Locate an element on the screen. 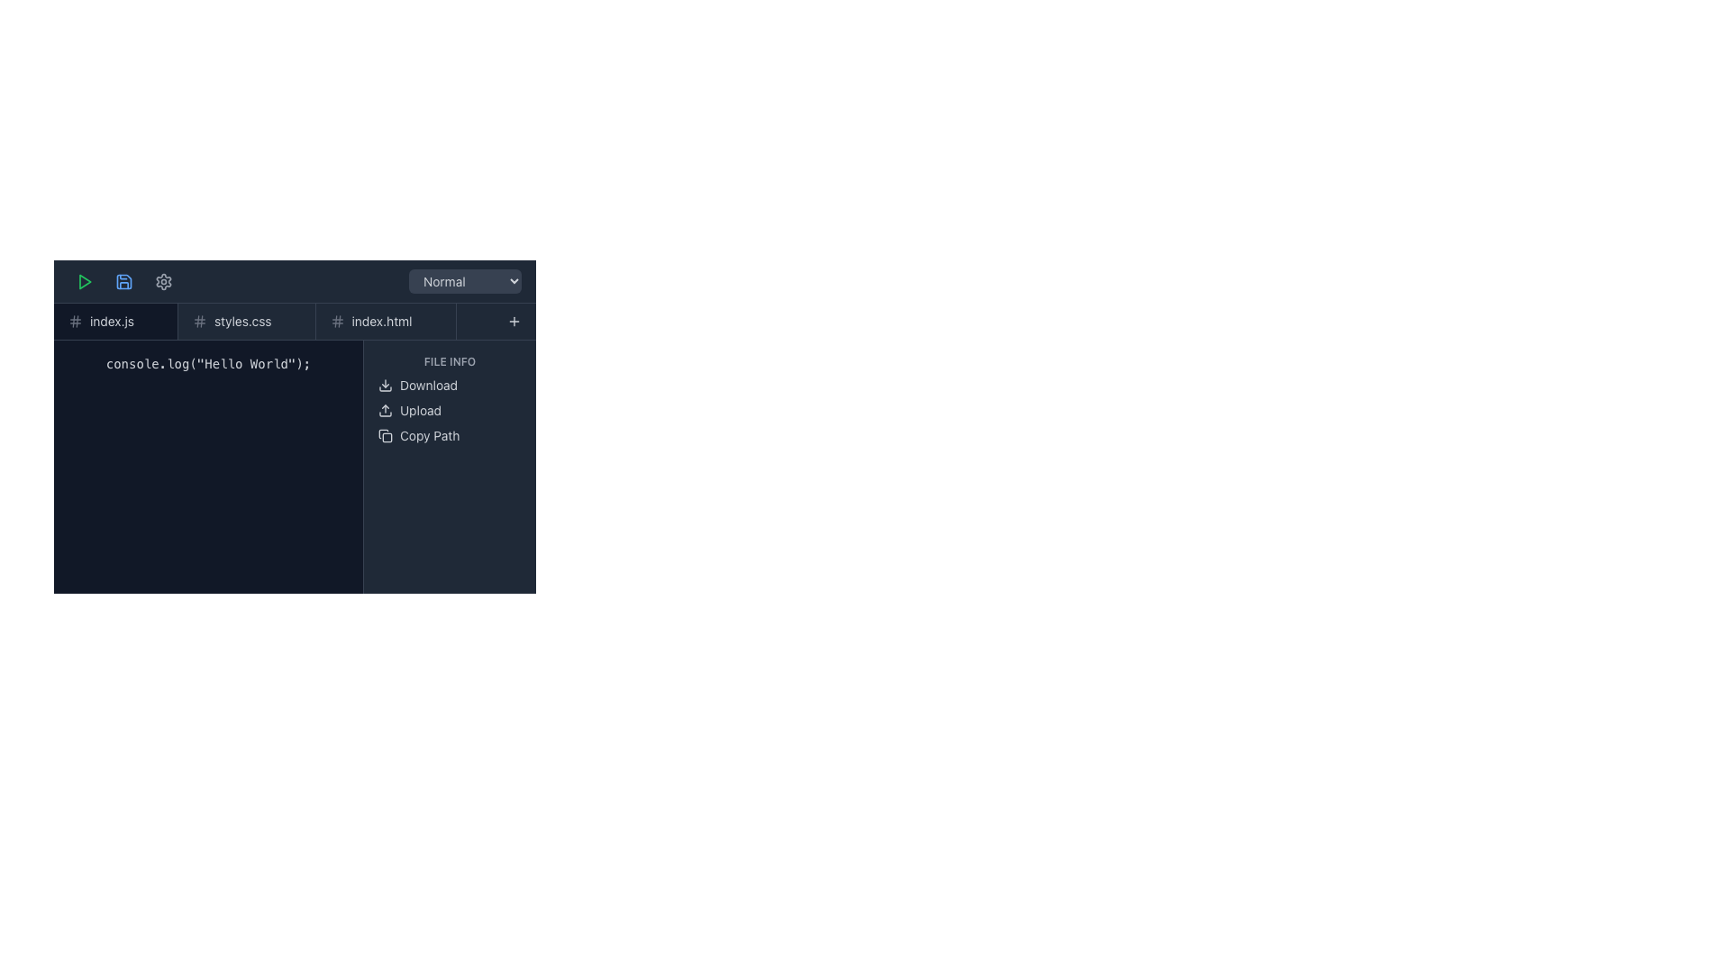 Image resolution: width=1730 pixels, height=973 pixels. the 'styles.css' tab in the tabbed interface to trigger hover-specific actions is located at coordinates (246, 321).